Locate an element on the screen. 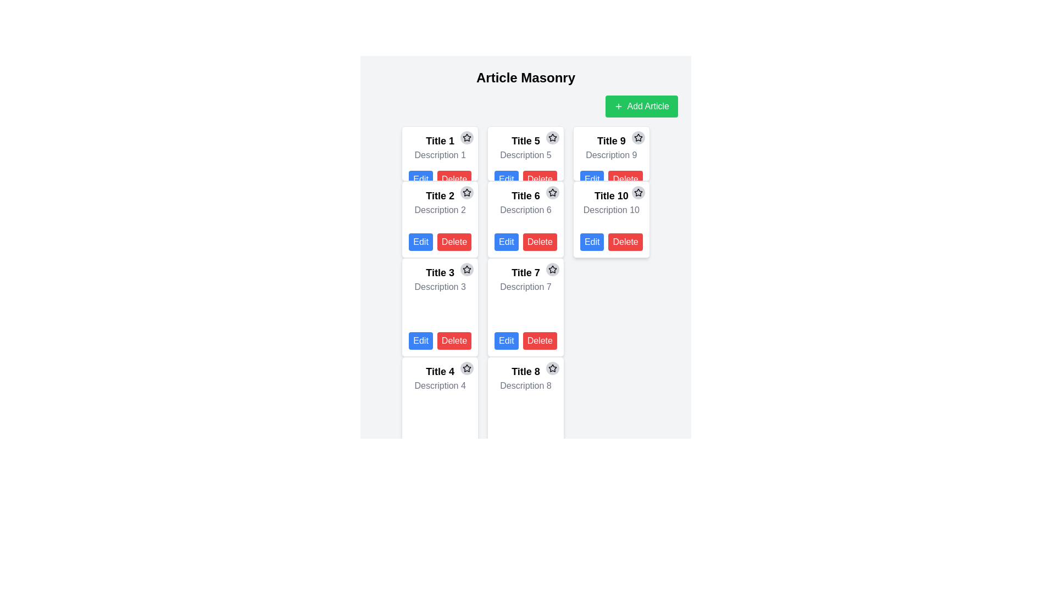  the star icon located at the top-right corner of the card labeled 'Title 10' to show context actions is located at coordinates (638, 137).